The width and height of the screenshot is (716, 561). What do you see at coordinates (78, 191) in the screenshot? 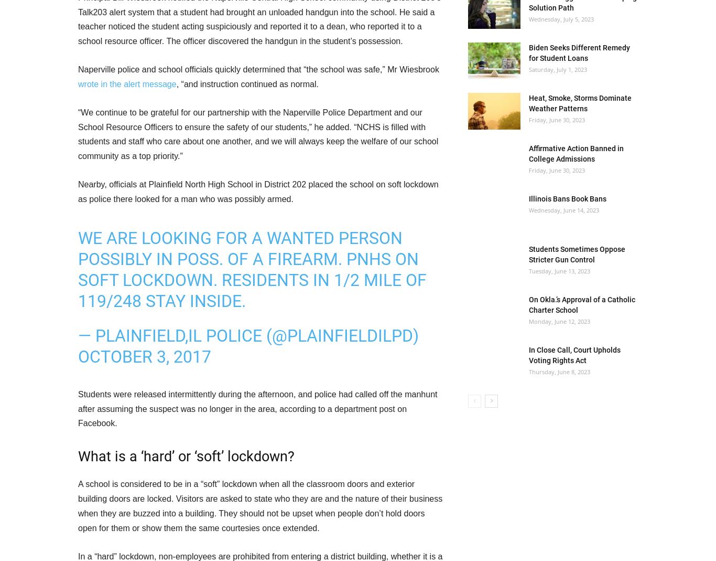
I see `'Nearby, officials at Plainfield North High School in District 202 placed the school on soft lockdown as police there looked for a man who was possibly armed.'` at bounding box center [78, 191].